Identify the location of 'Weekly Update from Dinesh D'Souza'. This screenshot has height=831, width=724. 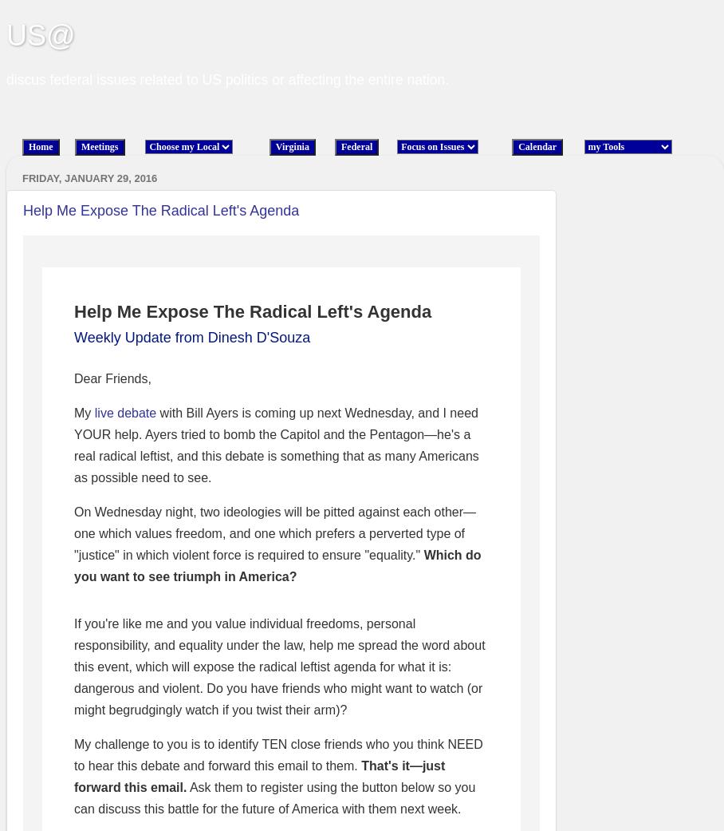
(191, 336).